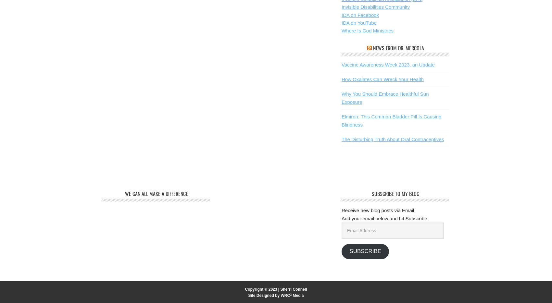 This screenshot has width=552, height=303. What do you see at coordinates (371, 193) in the screenshot?
I see `'Subscribe to My Blog'` at bounding box center [371, 193].